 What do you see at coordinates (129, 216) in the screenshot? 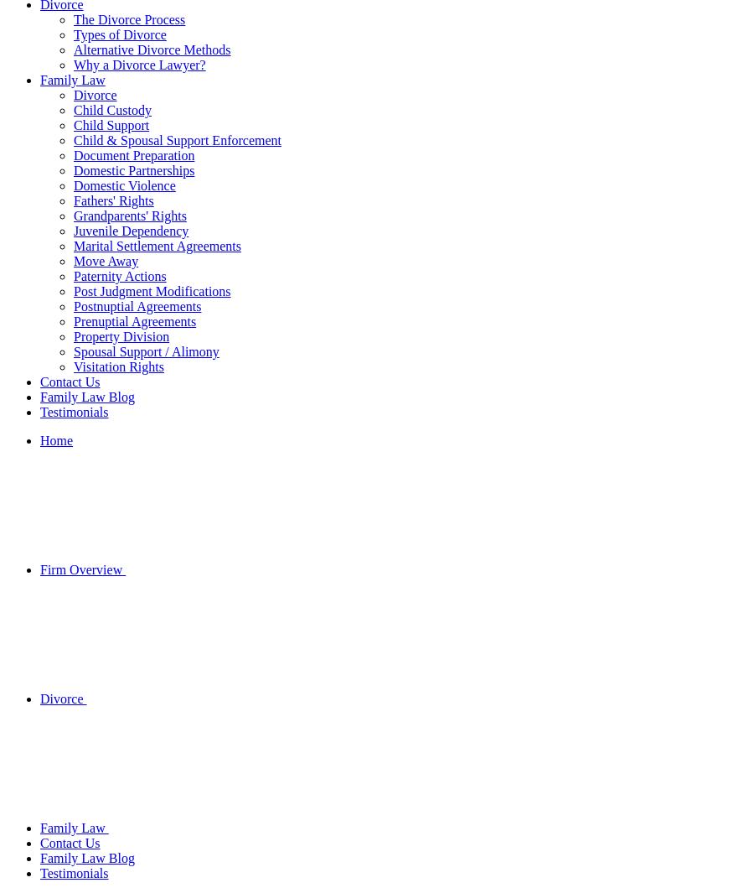
I see `'Grandparents' Rights'` at bounding box center [129, 216].